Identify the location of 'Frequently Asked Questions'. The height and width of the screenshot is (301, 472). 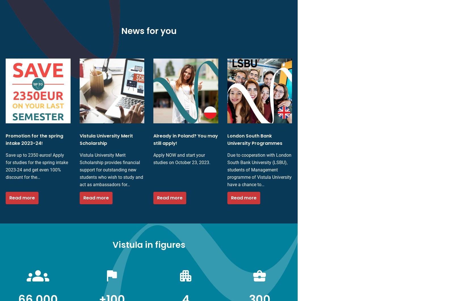
(219, 231).